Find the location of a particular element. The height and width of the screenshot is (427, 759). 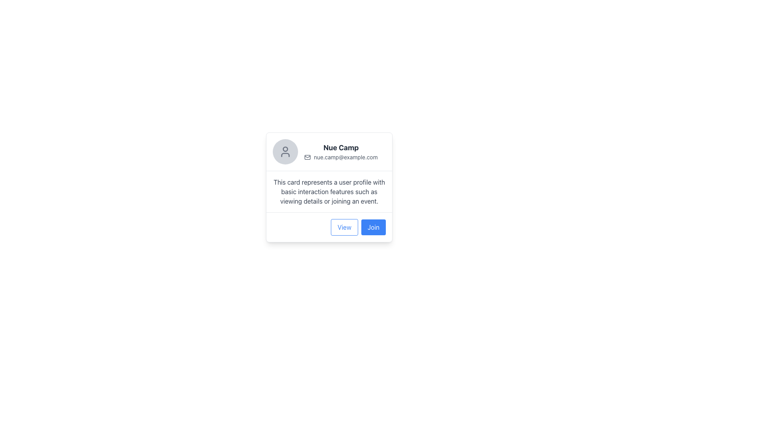

the 'View' button located at the bottom-right of the card is located at coordinates (344, 227).